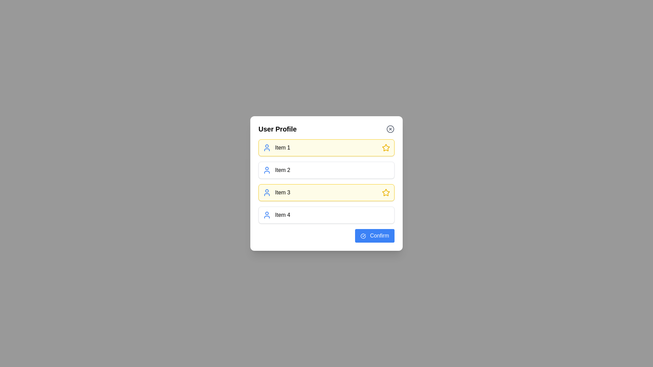  What do you see at coordinates (374, 235) in the screenshot?
I see `the confirm action button located at the bottom-right corner of the 'User Profile' modal dialog box` at bounding box center [374, 235].